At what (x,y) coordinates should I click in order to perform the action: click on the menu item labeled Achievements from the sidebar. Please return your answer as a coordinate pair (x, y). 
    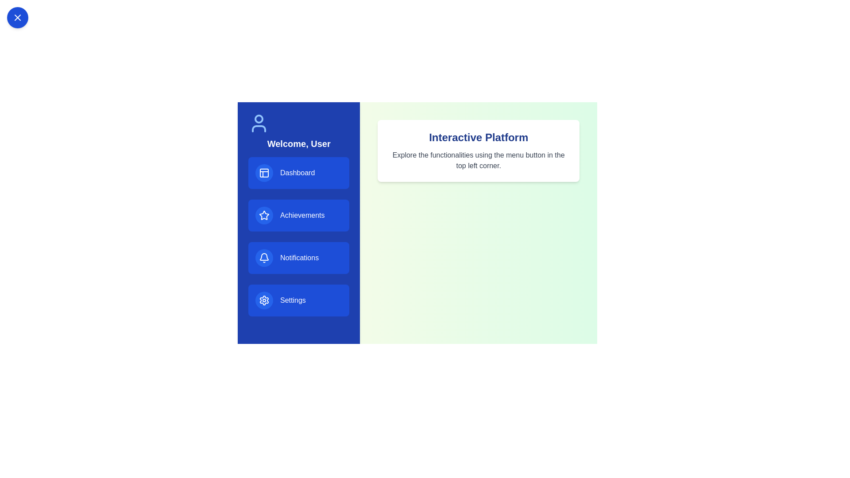
    Looking at the image, I should click on (299, 215).